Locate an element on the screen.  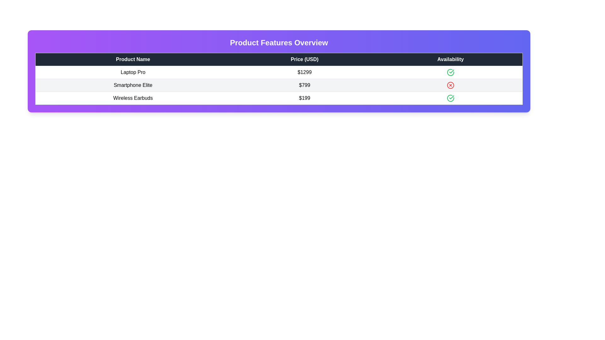
the text label reading 'Wireless Earbuds', which is centered in the third row of the table under the 'Product Name' column is located at coordinates (133, 98).